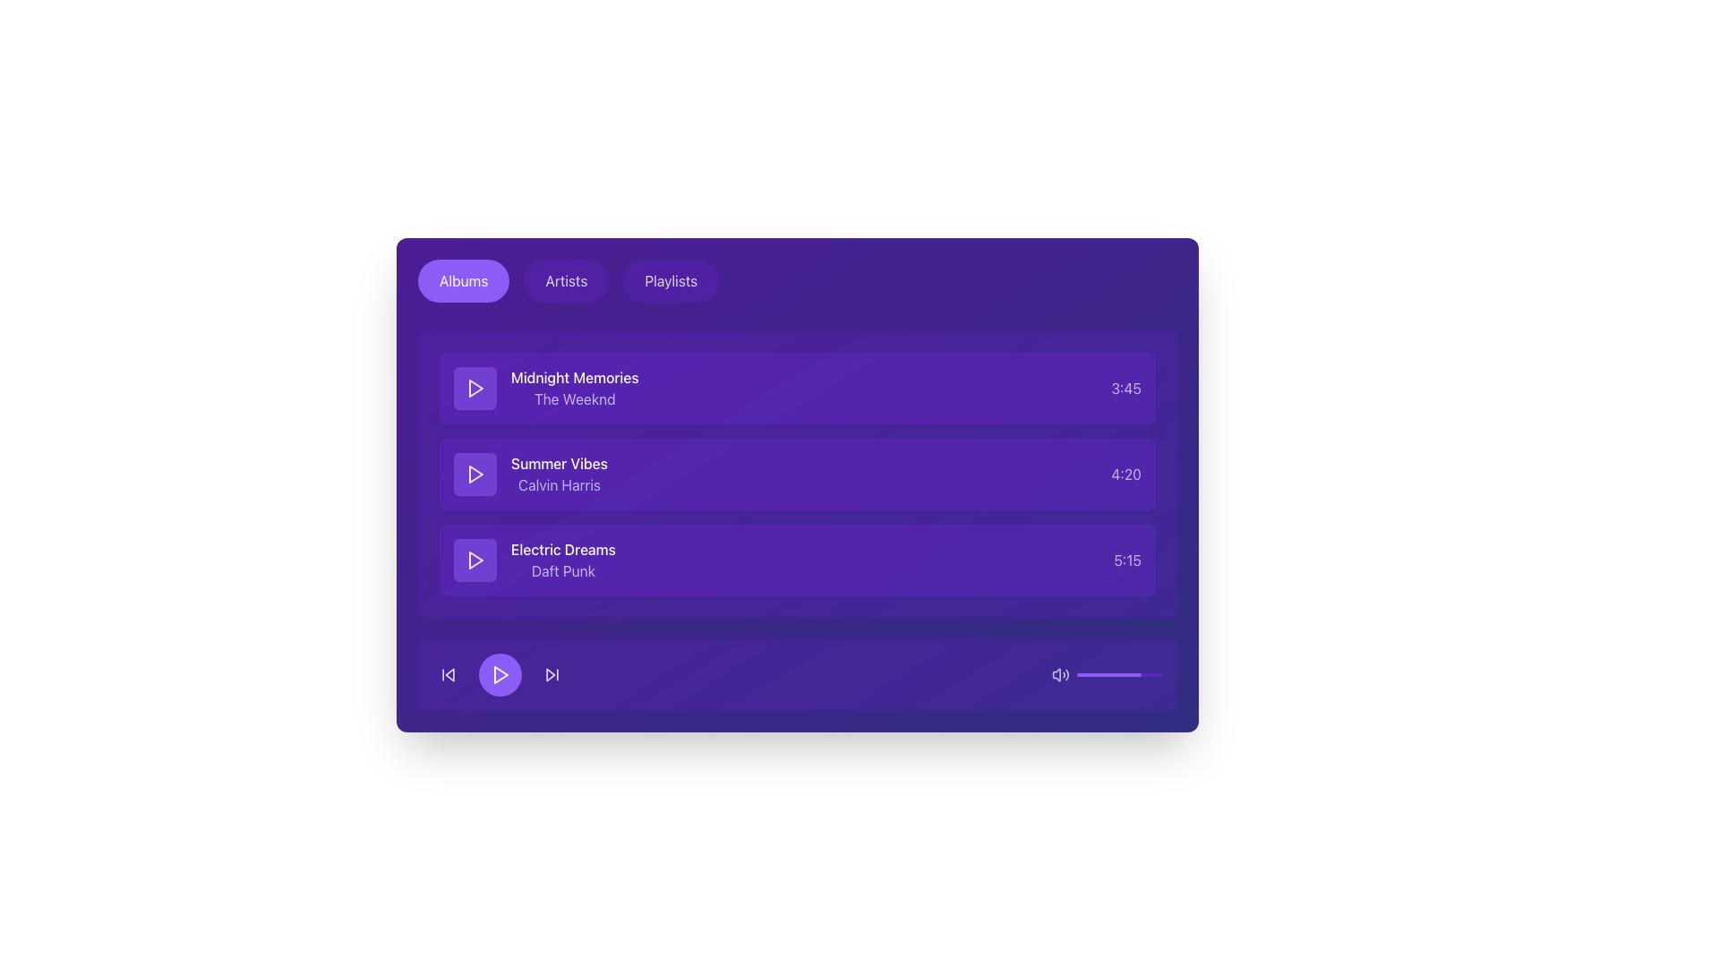 The image size is (1719, 967). Describe the element at coordinates (1110, 674) in the screenshot. I see `the volume level` at that location.